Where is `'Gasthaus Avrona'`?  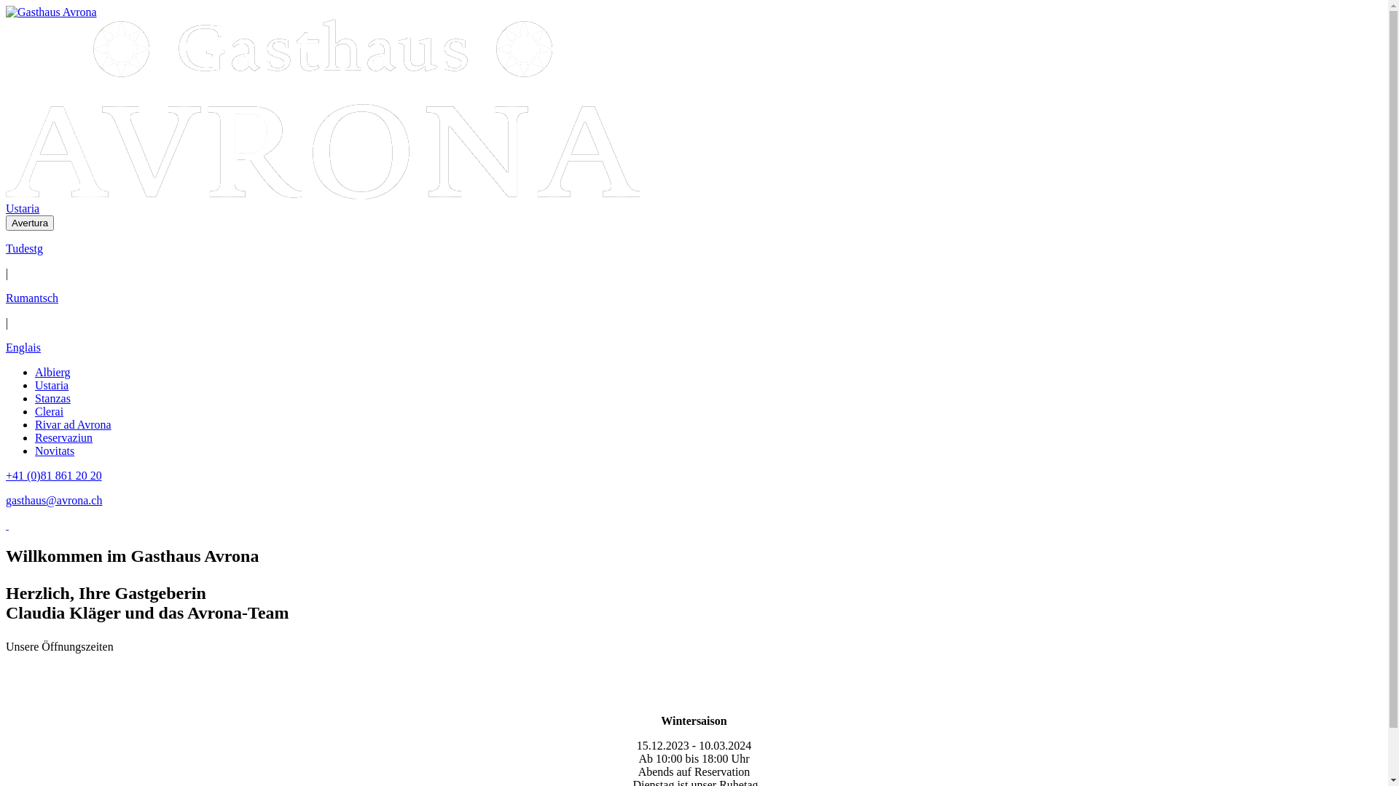
'Gasthaus Avrona' is located at coordinates (51, 12).